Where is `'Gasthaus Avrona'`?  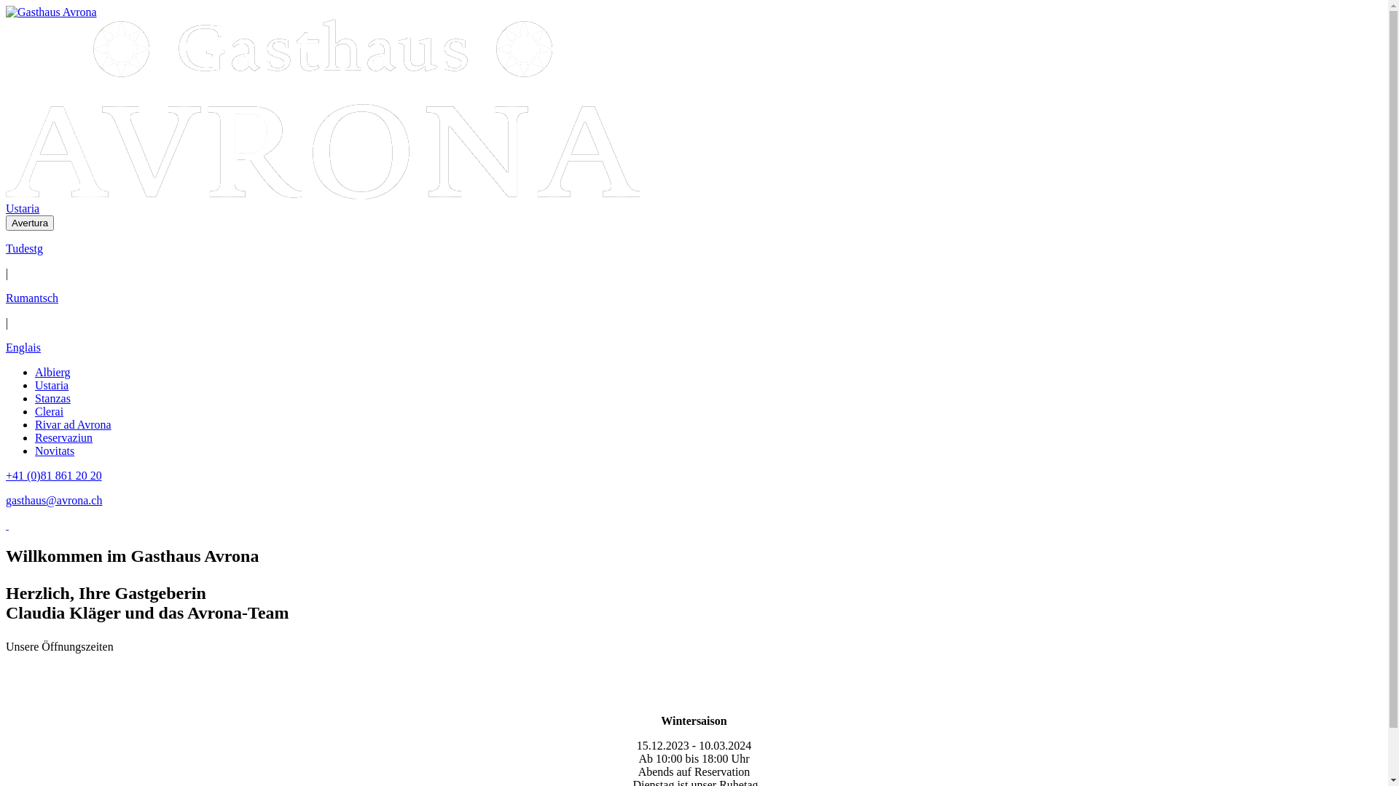
'Gasthaus Avrona' is located at coordinates (51, 12).